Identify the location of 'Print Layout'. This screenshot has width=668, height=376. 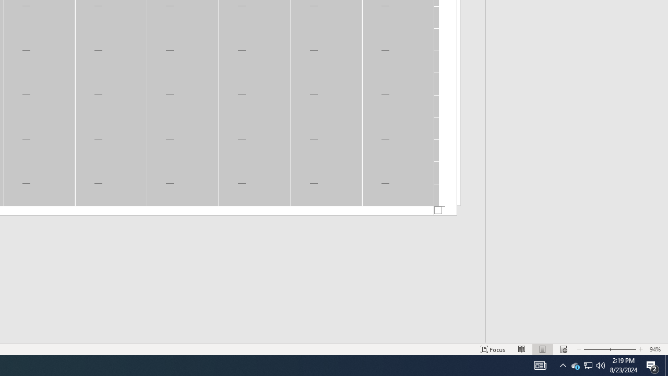
(543, 349).